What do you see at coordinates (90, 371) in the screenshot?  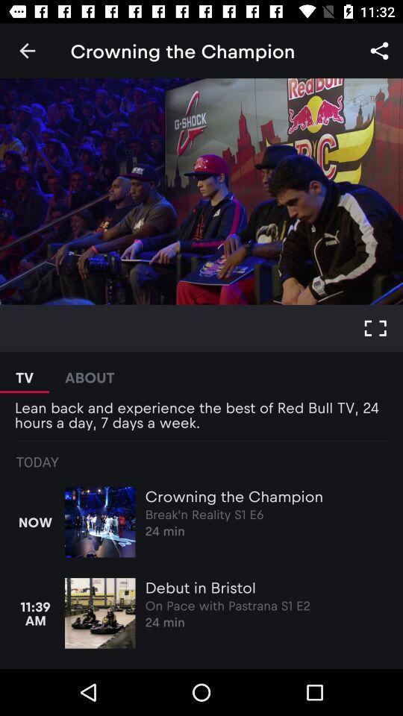 I see `about  which is on right side of tv` at bounding box center [90, 371].